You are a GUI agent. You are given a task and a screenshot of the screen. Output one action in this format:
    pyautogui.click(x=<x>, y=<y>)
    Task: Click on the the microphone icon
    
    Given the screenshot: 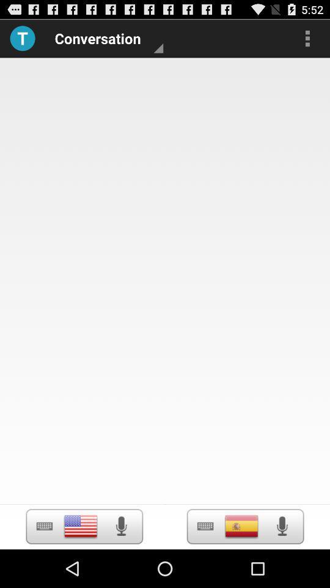 What is the action you would take?
    pyautogui.click(x=121, y=563)
    